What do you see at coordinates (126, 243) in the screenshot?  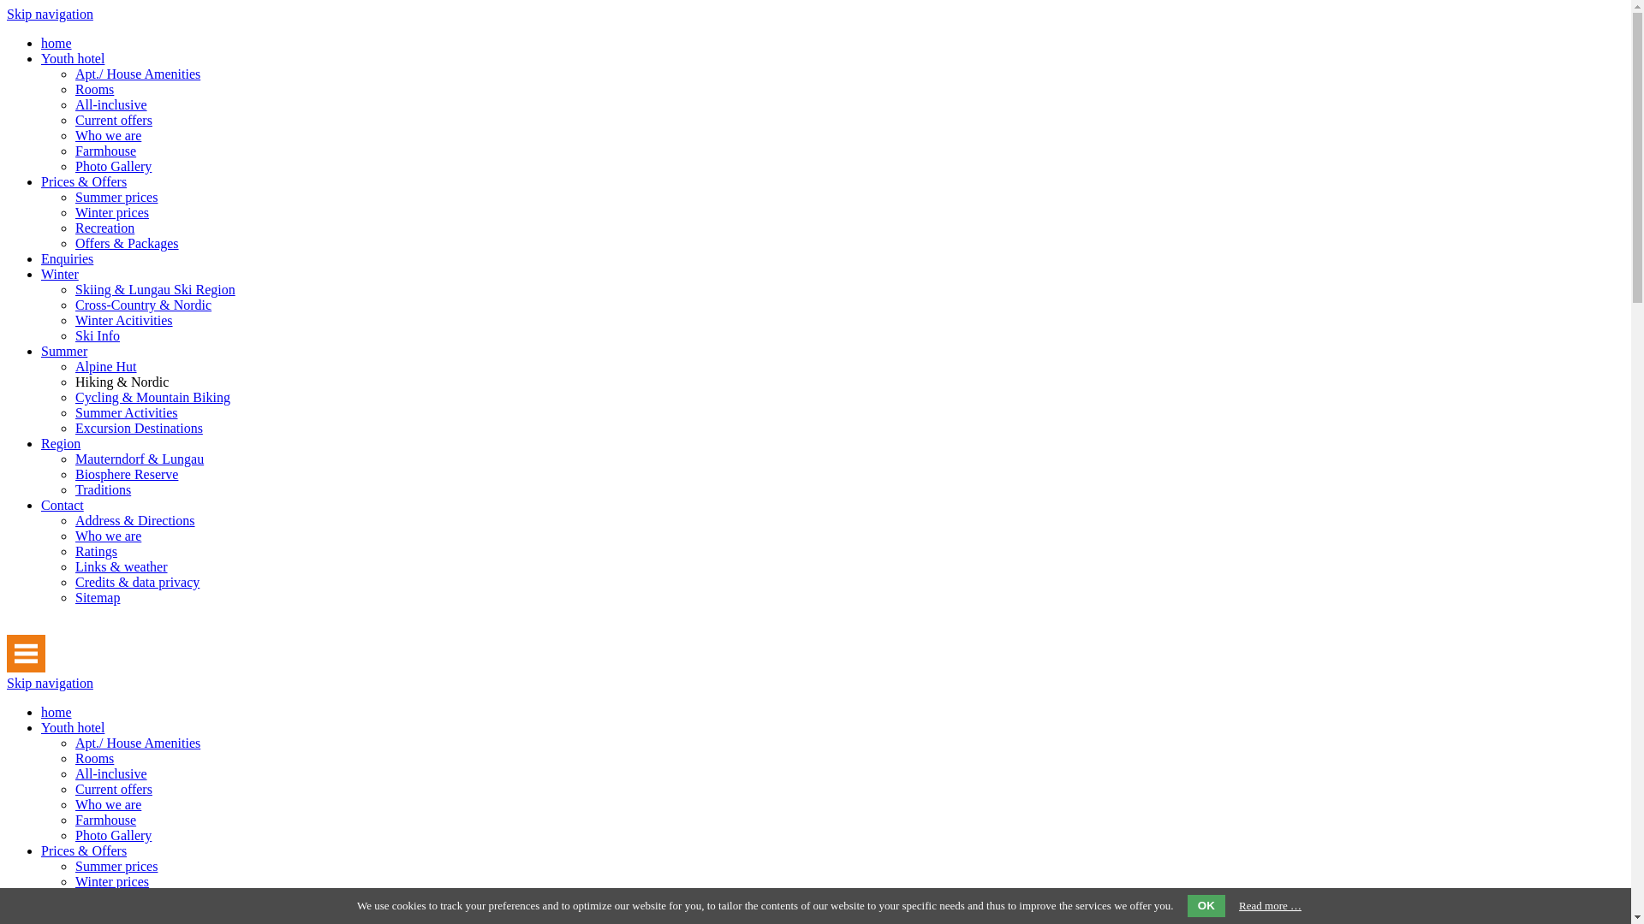 I see `'Offers & Packages'` at bounding box center [126, 243].